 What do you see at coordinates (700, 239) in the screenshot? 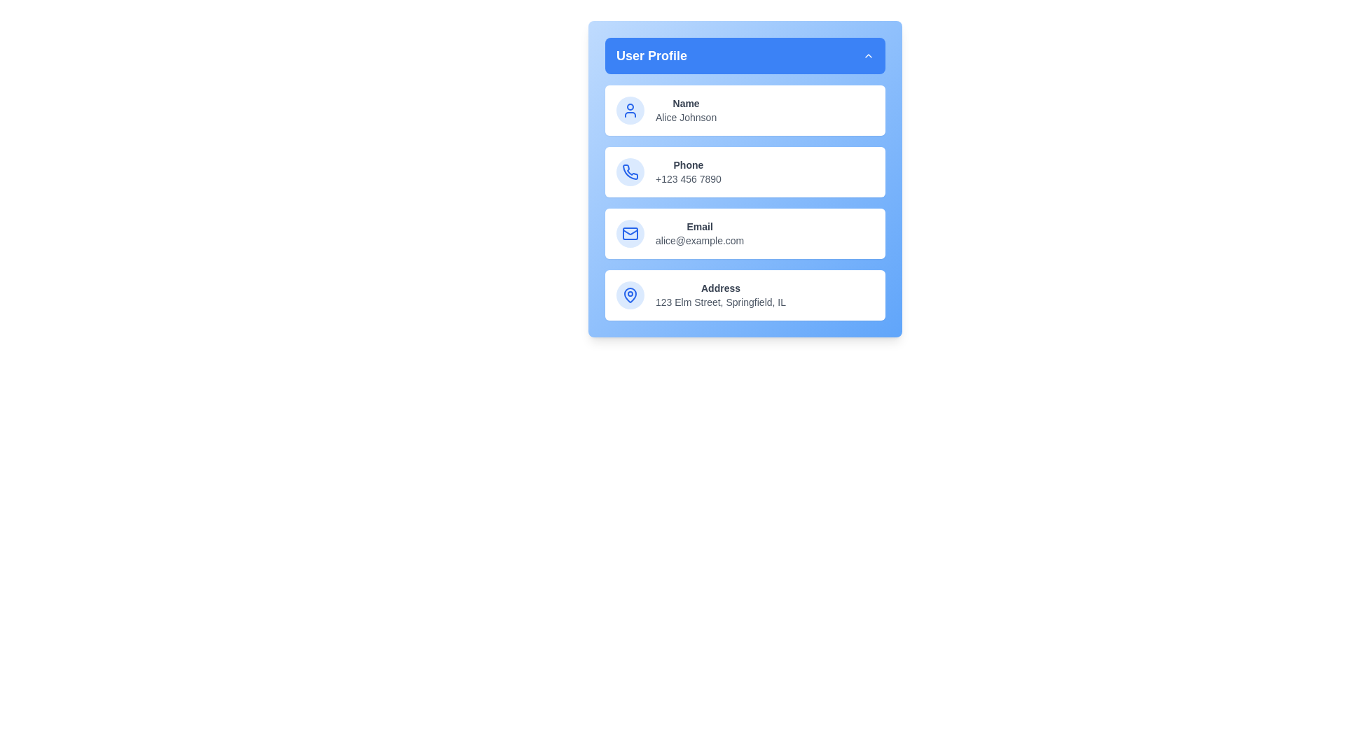
I see `the user's email address display in the user profile interface, located under the 'Email' label` at bounding box center [700, 239].